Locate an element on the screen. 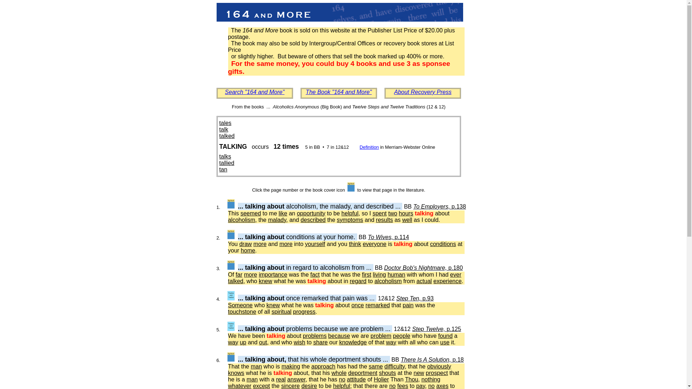  'because' is located at coordinates (339, 336).